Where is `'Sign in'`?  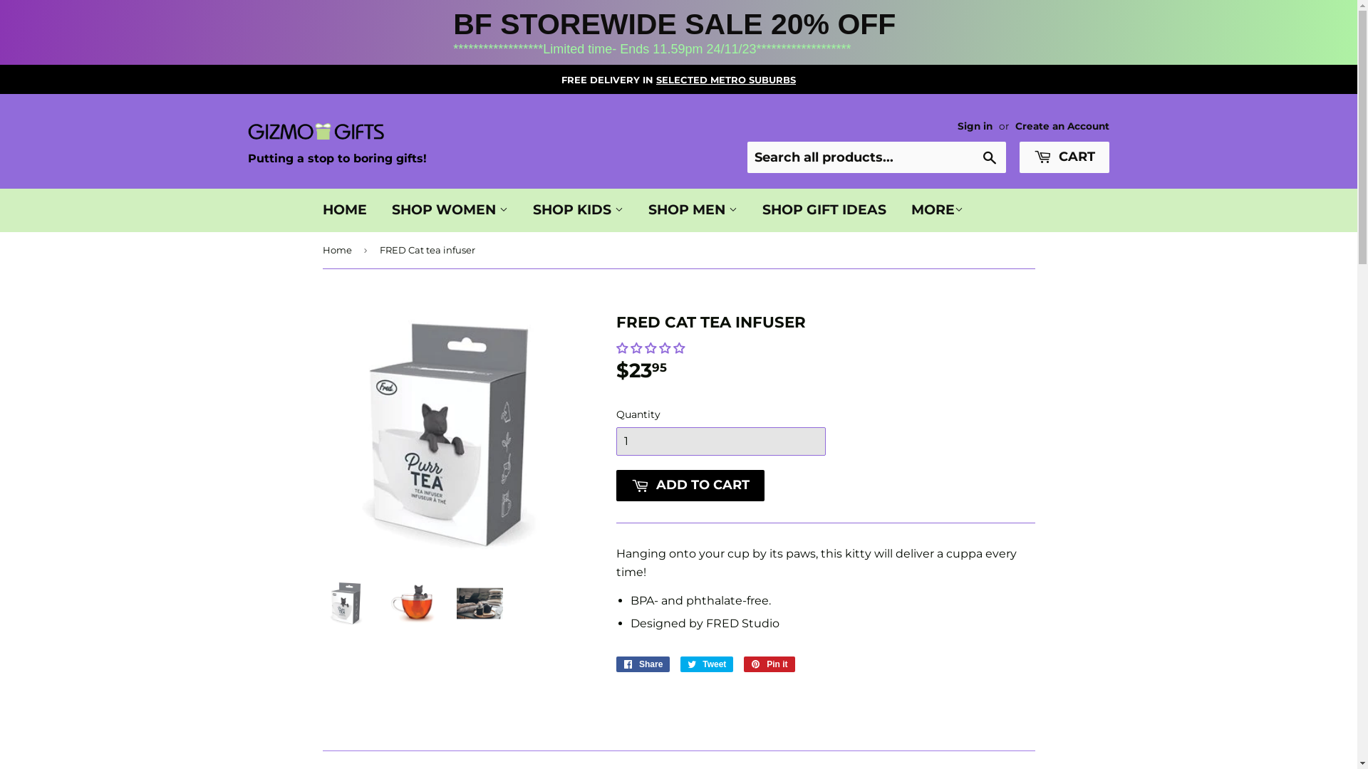
'Sign in' is located at coordinates (974, 125).